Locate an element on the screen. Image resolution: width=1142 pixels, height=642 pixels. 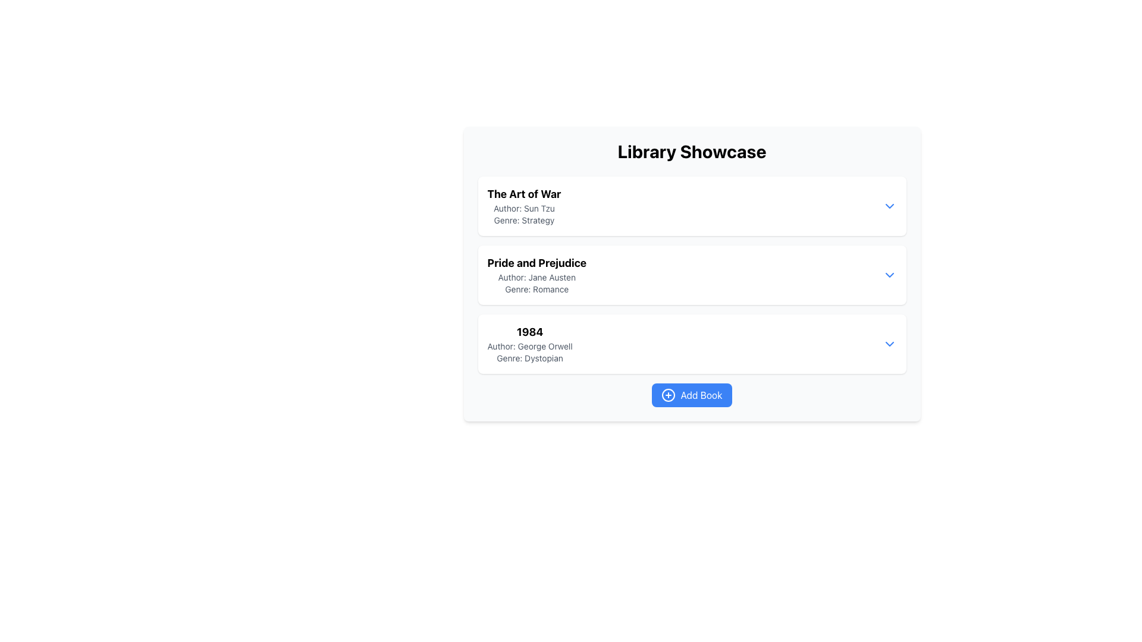
the text block displaying the book title '1984' by George Orwell in the Library Showcase list is located at coordinates (529, 344).